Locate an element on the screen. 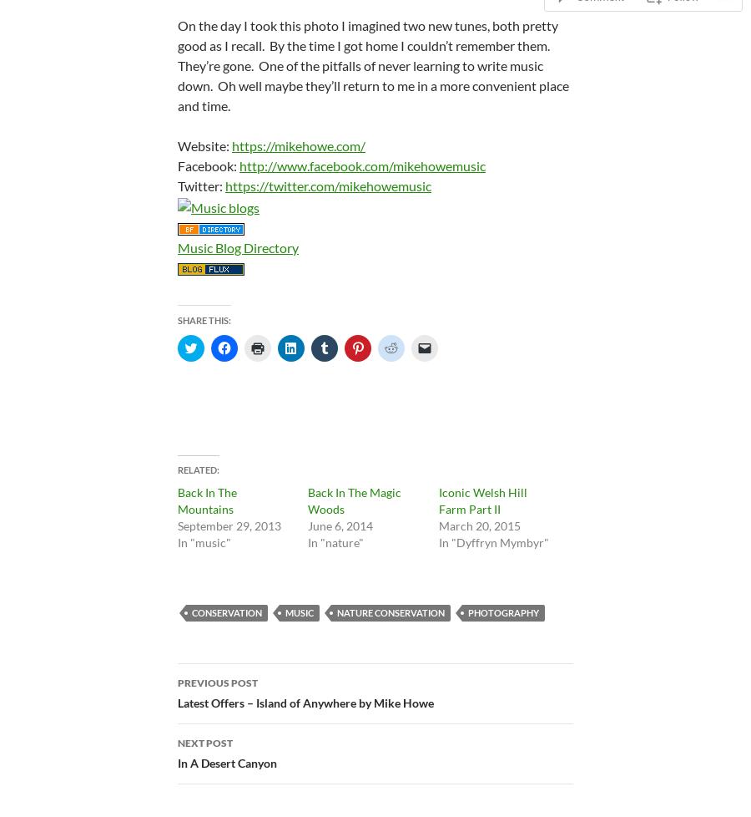  'music' is located at coordinates (300, 611).